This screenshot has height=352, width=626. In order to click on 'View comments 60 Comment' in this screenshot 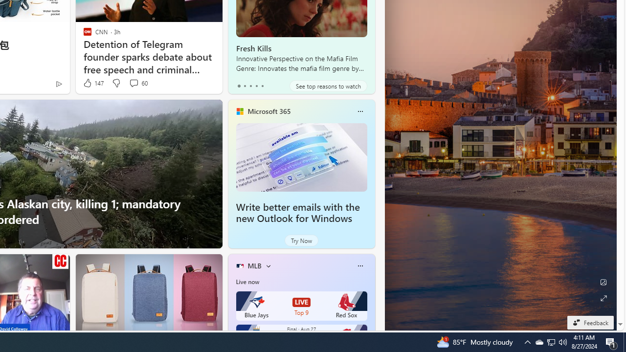, I will do `click(133, 82)`.